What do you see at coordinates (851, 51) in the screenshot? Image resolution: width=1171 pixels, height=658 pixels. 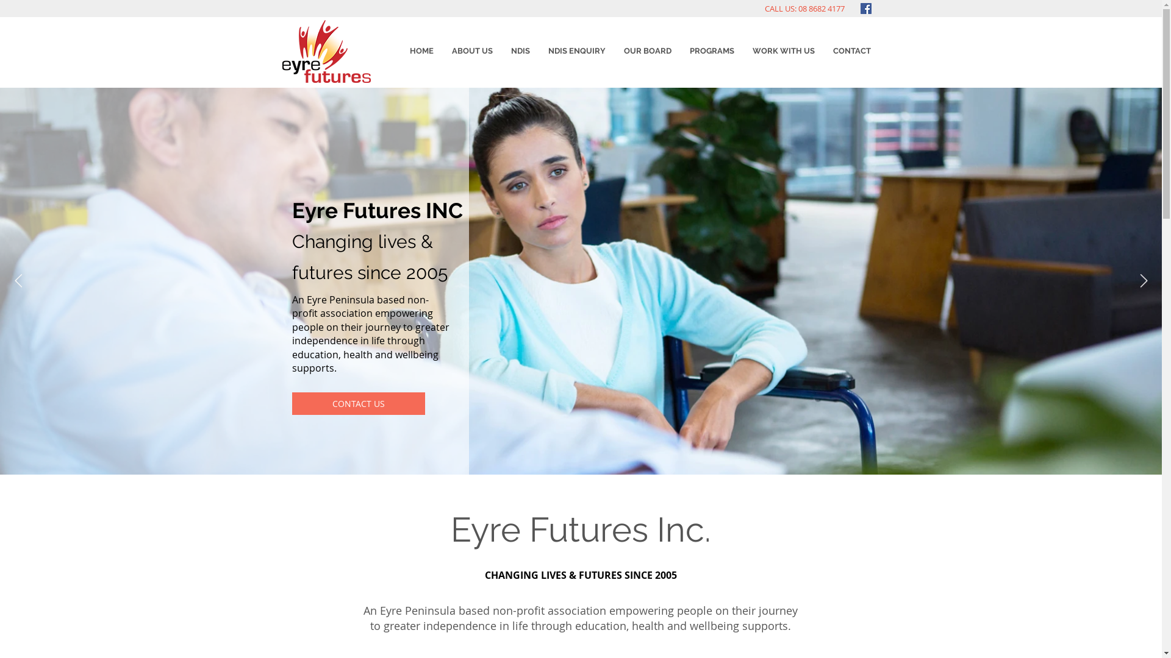 I see `'CONTACT'` at bounding box center [851, 51].